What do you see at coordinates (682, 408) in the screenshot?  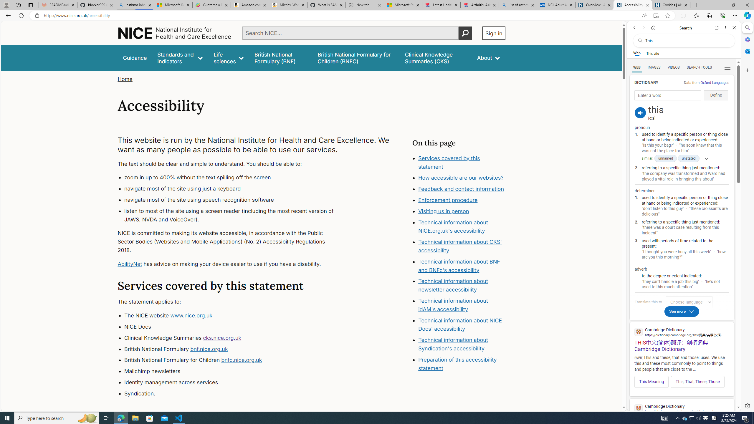 I see `'Cambridge Dictionary'` at bounding box center [682, 408].